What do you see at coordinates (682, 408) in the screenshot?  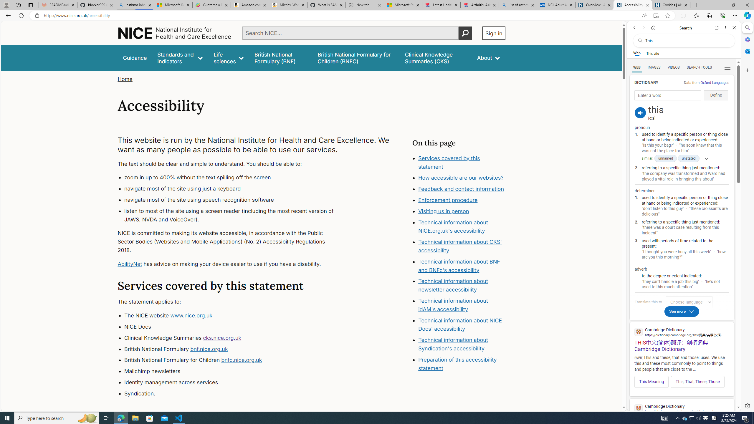 I see `'Cambridge Dictionary'` at bounding box center [682, 408].